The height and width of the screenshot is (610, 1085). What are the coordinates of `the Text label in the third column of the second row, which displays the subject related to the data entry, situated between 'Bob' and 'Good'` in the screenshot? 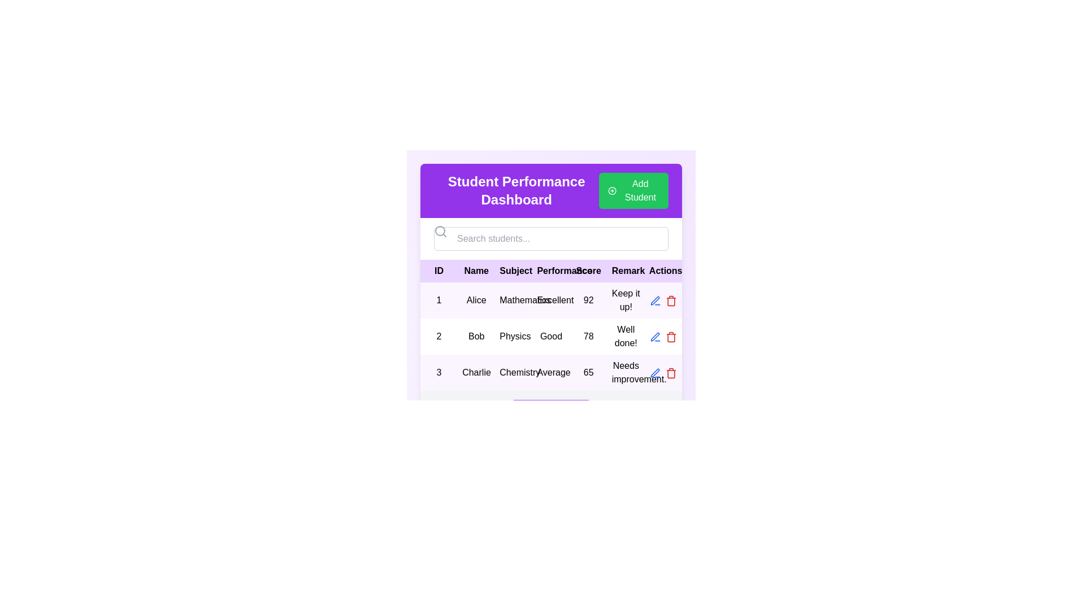 It's located at (513, 336).